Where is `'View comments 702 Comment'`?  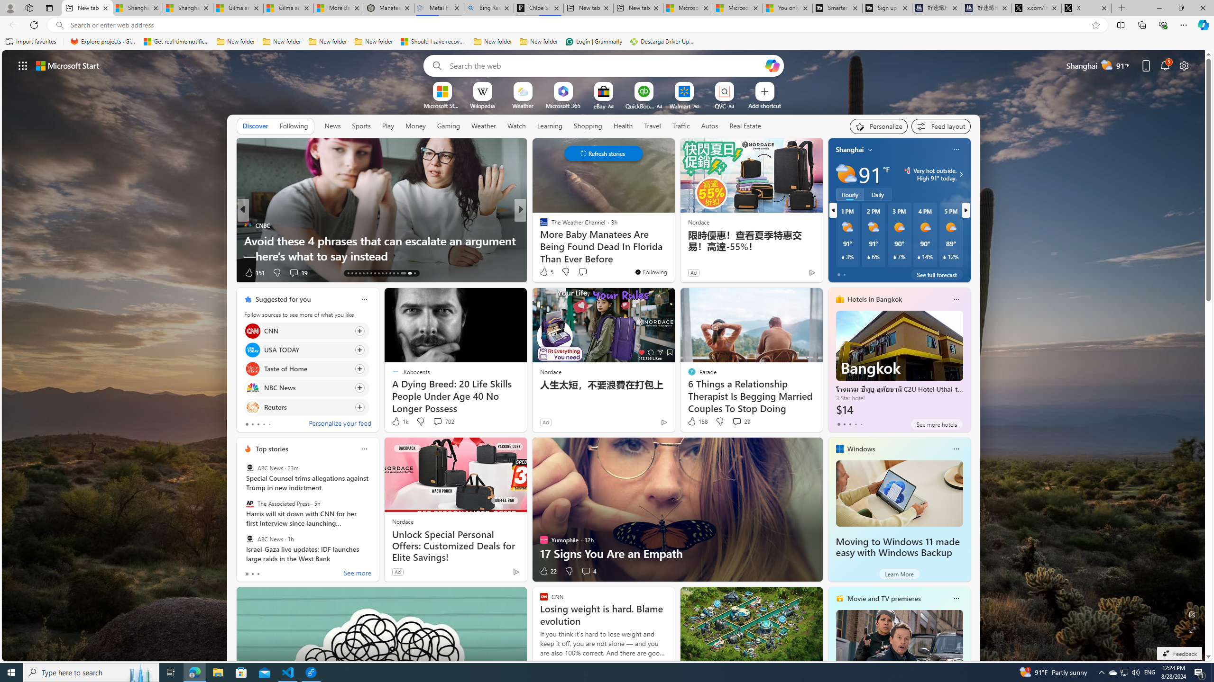
'View comments 702 Comment' is located at coordinates (437, 421).